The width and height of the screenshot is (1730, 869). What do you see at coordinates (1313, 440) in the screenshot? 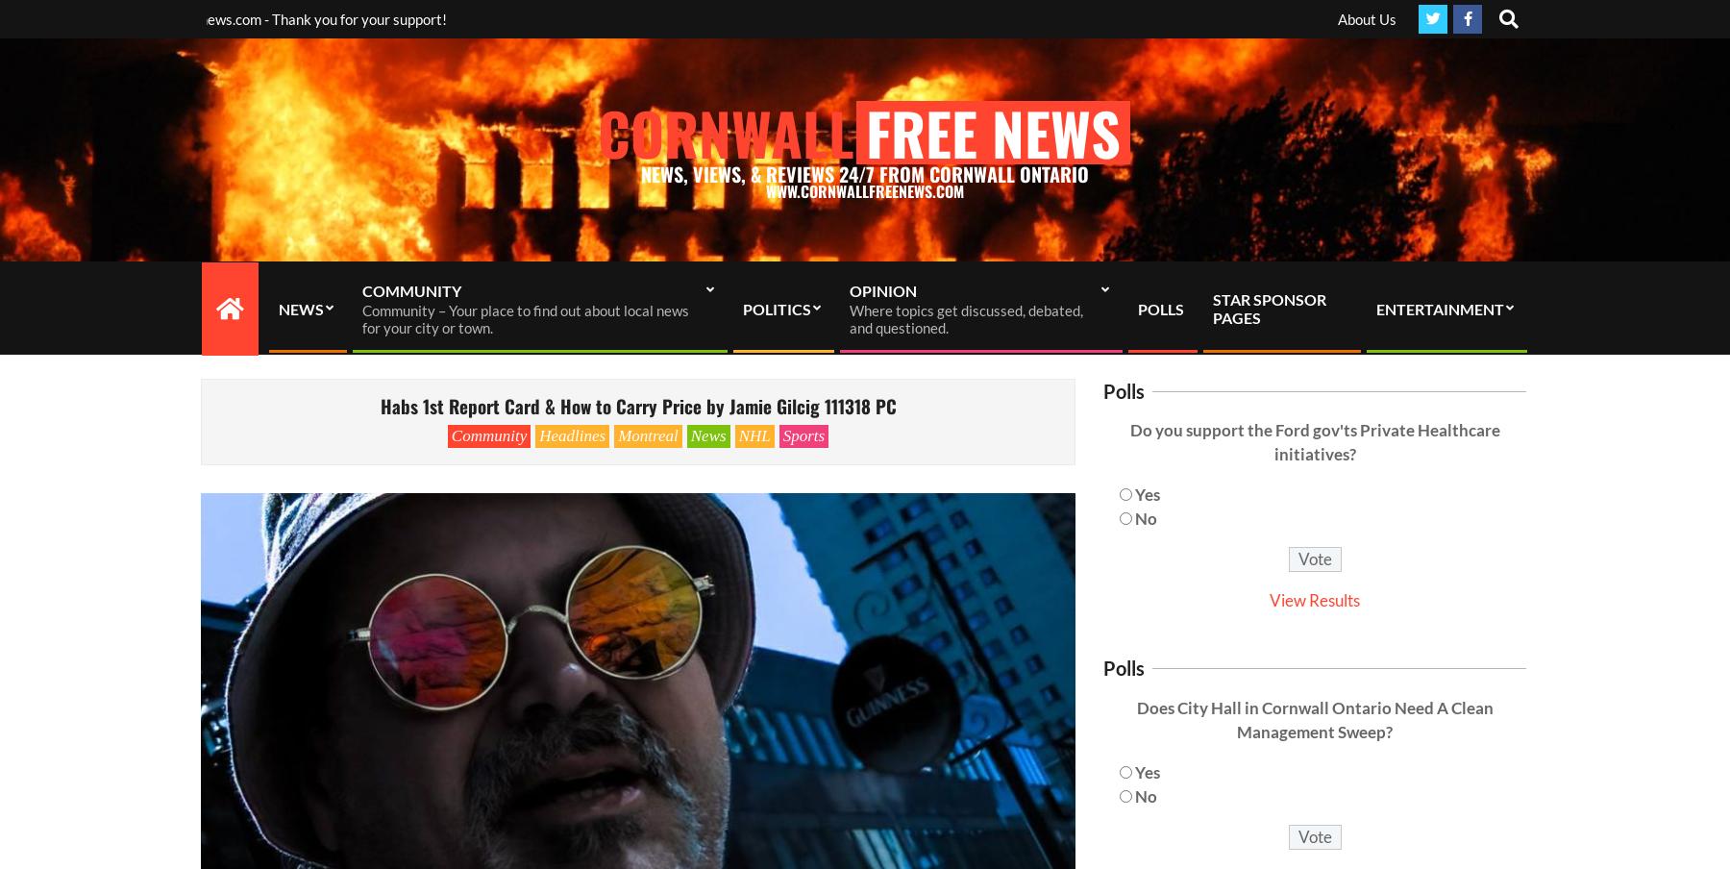
I see `'Do you support the Ford gov'ts Private Healthcare initiatives?'` at bounding box center [1313, 440].